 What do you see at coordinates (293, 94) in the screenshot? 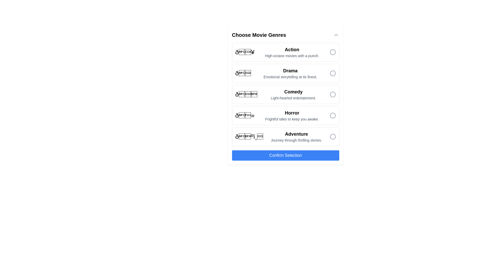
I see `the 'Comedy' genre label in the movie genres selection interface, which is the second option in the list, located below 'Drama' and above 'Horror'` at bounding box center [293, 94].